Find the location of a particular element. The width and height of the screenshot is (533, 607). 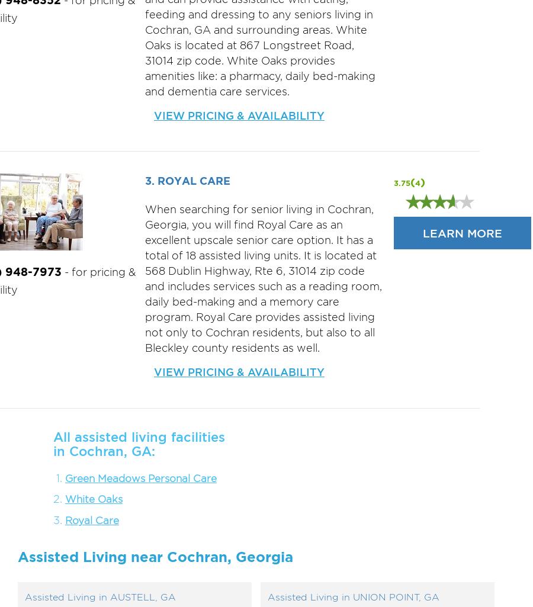

'Assisted Living near Cochran, Georgia' is located at coordinates (155, 556).